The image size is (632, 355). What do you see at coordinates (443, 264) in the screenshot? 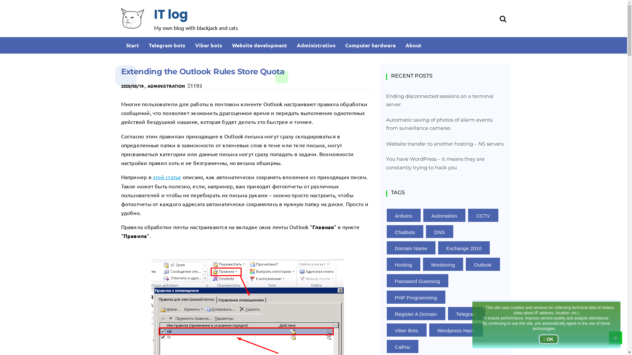
I see `'Monitoring'` at bounding box center [443, 264].